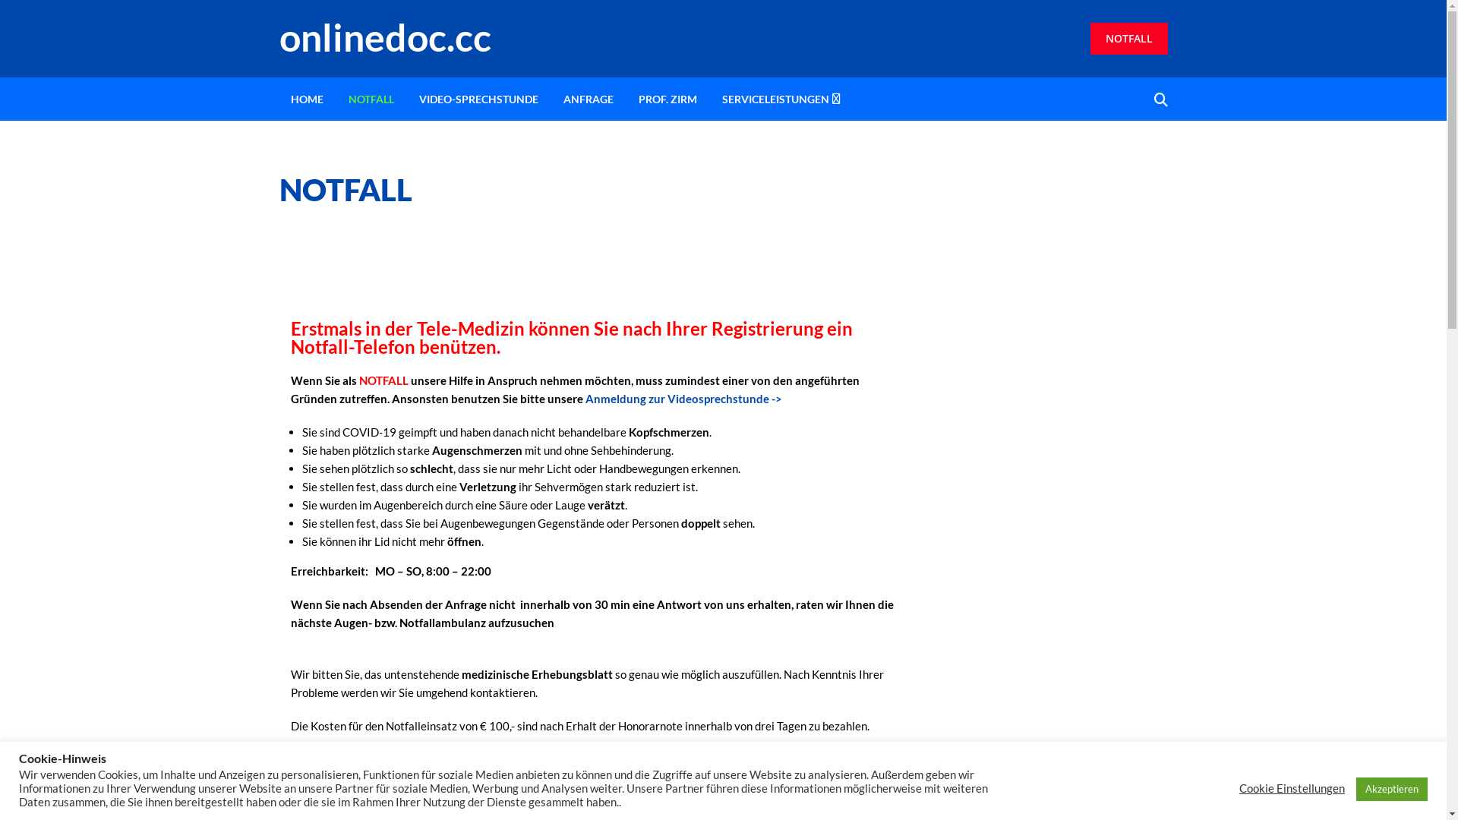 The height and width of the screenshot is (820, 1458). What do you see at coordinates (306, 99) in the screenshot?
I see `'HOME'` at bounding box center [306, 99].